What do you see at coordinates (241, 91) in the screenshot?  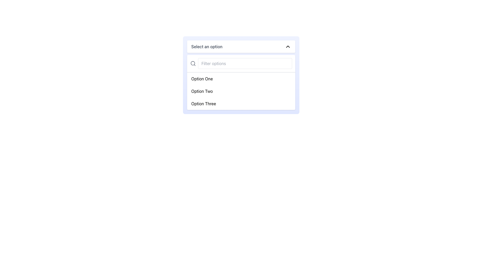 I see `the second item in the dropdown menu, which represents 'Option Two', located below the search bar` at bounding box center [241, 91].